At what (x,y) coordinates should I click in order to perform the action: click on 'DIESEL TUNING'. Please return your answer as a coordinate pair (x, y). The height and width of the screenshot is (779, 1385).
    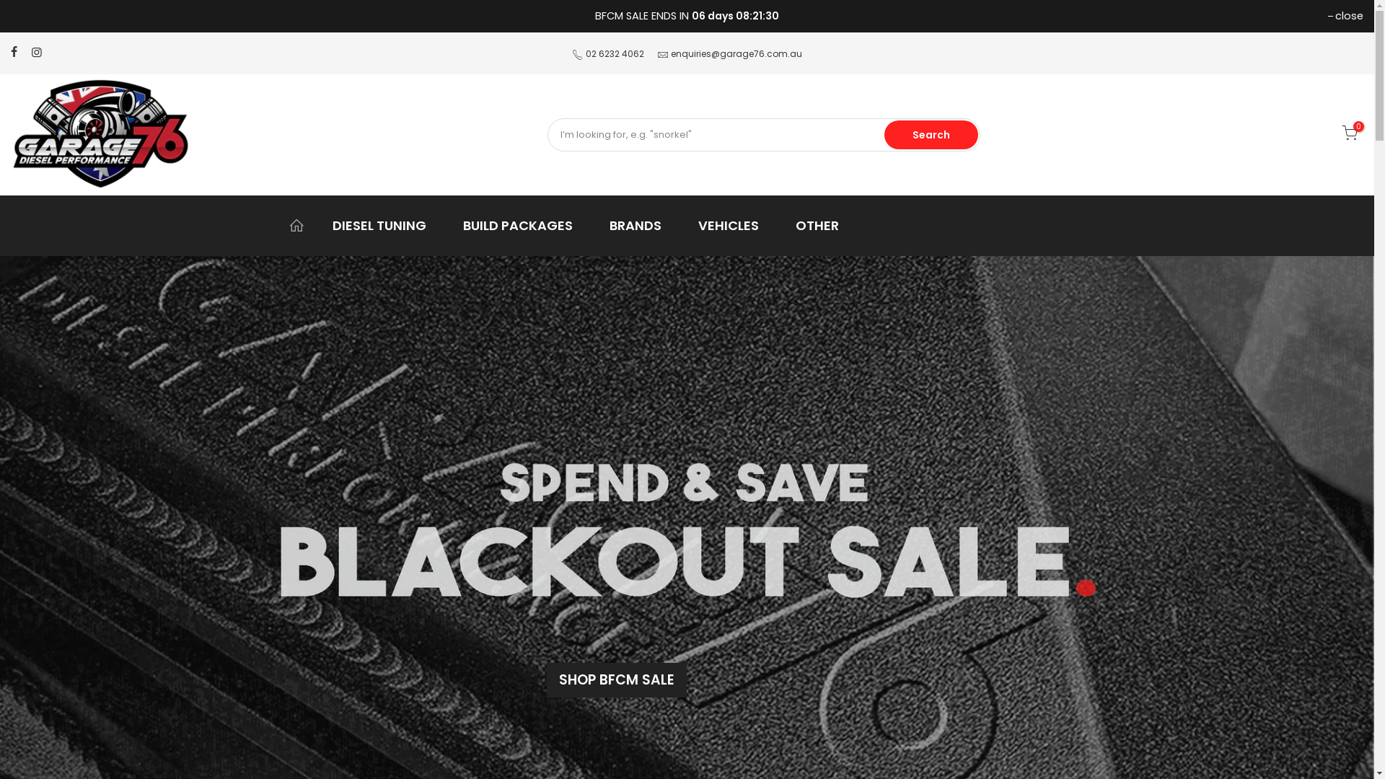
    Looking at the image, I should click on (385, 225).